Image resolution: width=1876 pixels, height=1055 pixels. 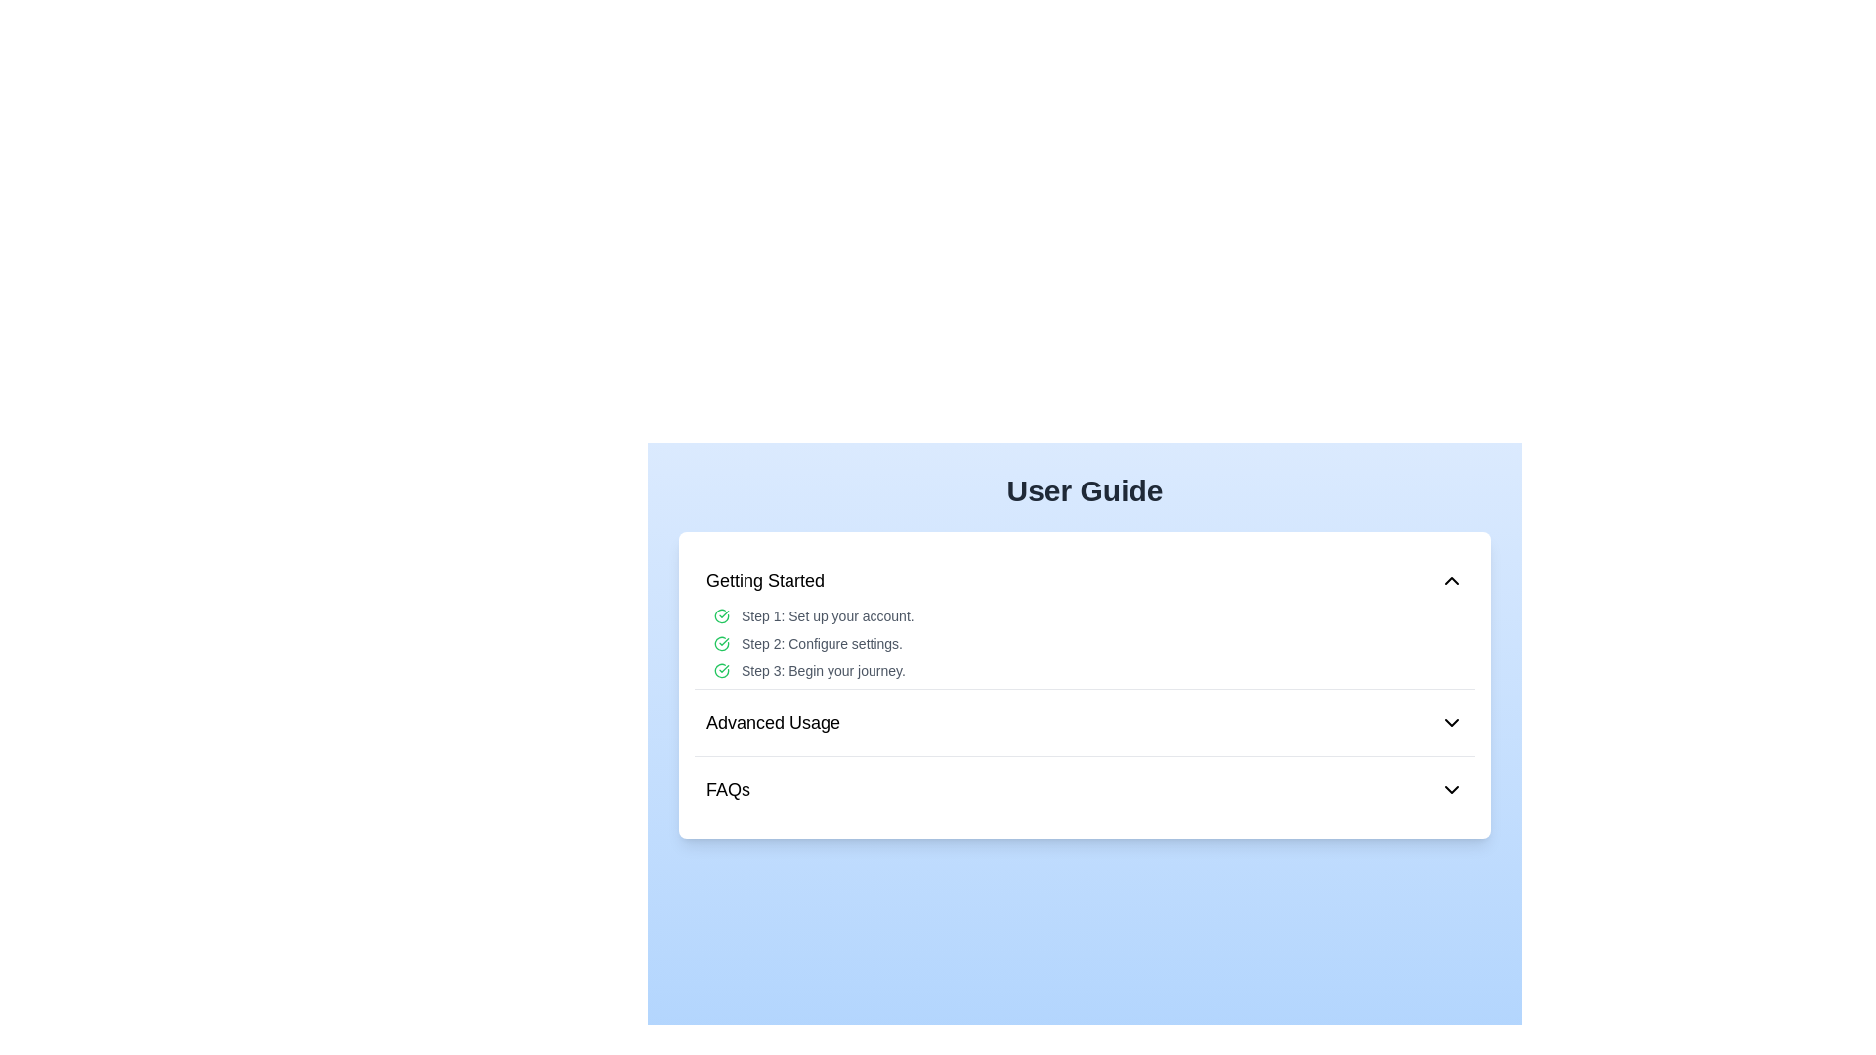 What do you see at coordinates (1452, 579) in the screenshot?
I see `the toggle icon at the right end of the 'Getting Started' section header to change its expand/collapse state` at bounding box center [1452, 579].